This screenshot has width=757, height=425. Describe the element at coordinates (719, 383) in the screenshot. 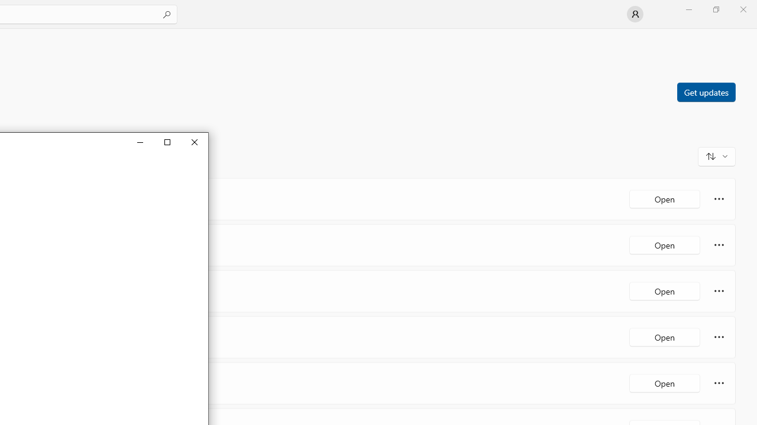

I see `'More options'` at that location.